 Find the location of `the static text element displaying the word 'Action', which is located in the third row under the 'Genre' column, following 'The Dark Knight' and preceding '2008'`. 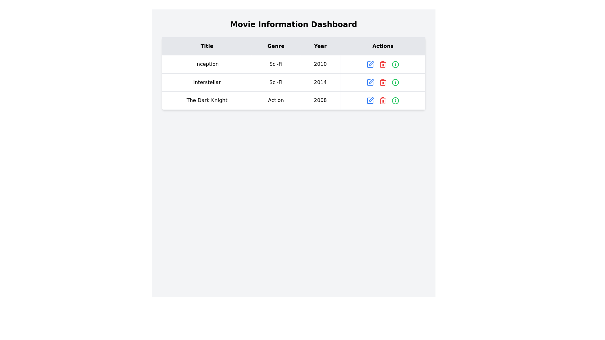

the static text element displaying the word 'Action', which is located in the third row under the 'Genre' column, following 'The Dark Knight' and preceding '2008' is located at coordinates (276, 100).